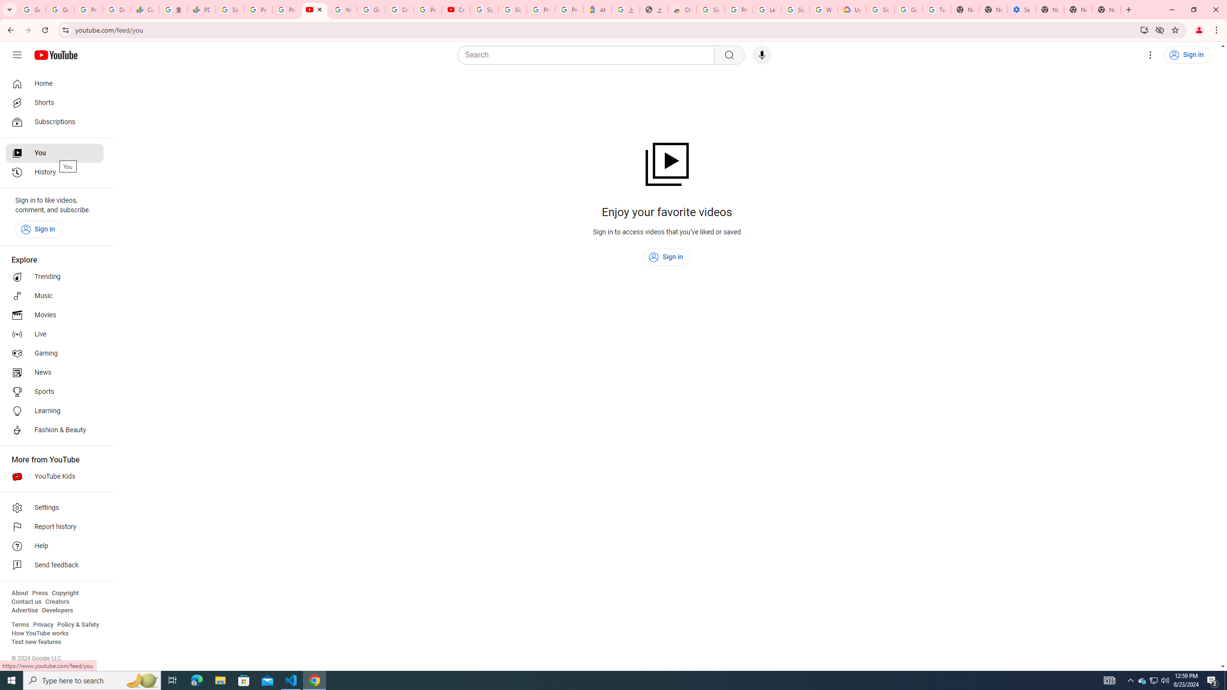 The height and width of the screenshot is (690, 1227). I want to click on 'YouTube Kids', so click(54, 477).